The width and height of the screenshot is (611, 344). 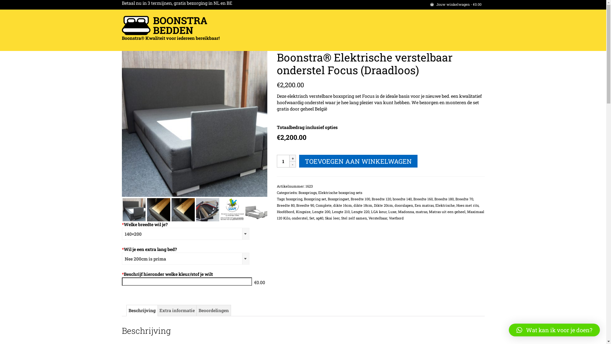 What do you see at coordinates (396, 218) in the screenshot?
I see `'Voetbord'` at bounding box center [396, 218].